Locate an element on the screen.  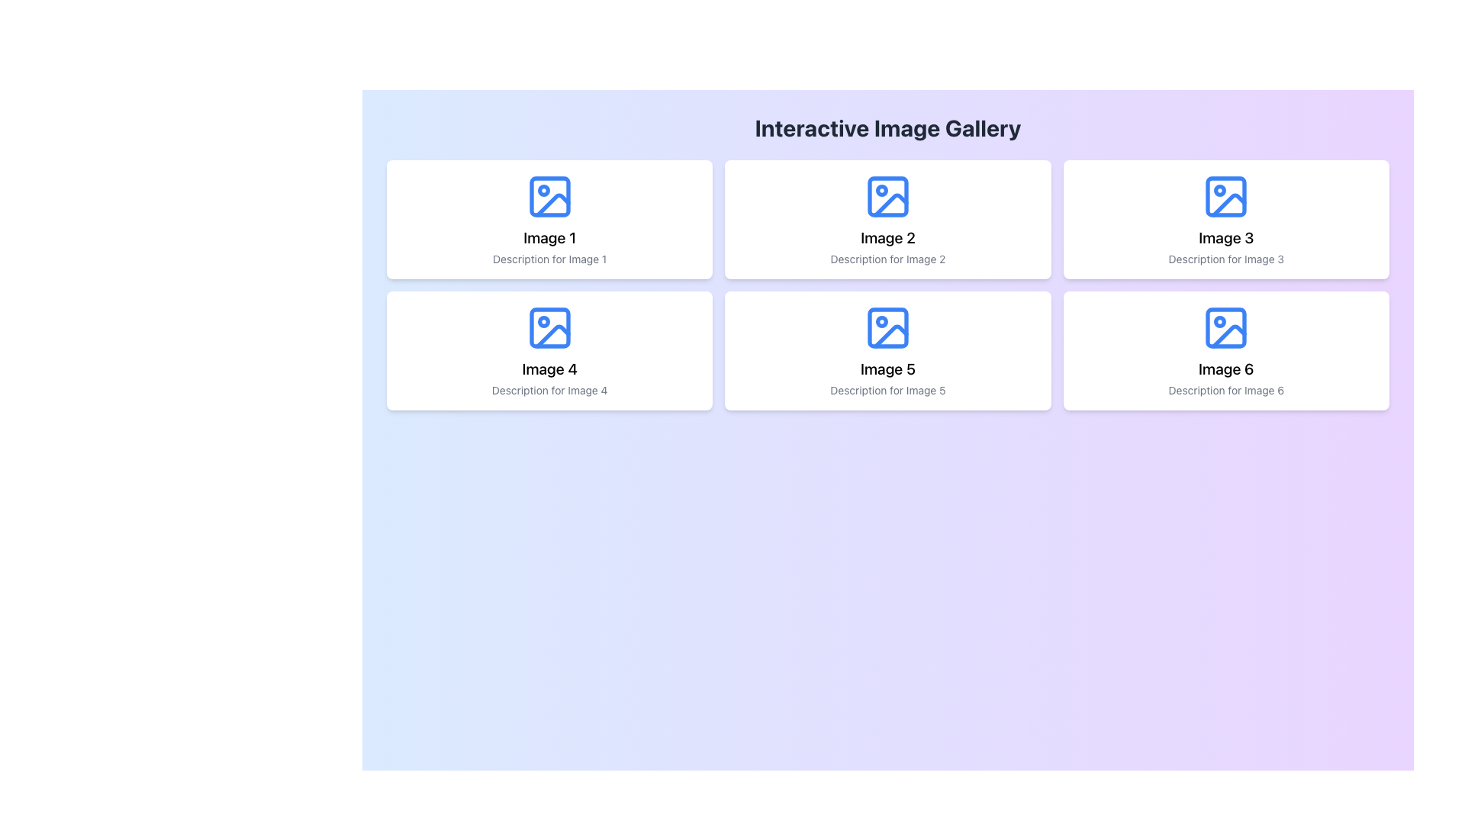
styling of the text label displaying 'Image 6', which is located within the sixth image card of the interactive image gallery is located at coordinates (1226, 369).